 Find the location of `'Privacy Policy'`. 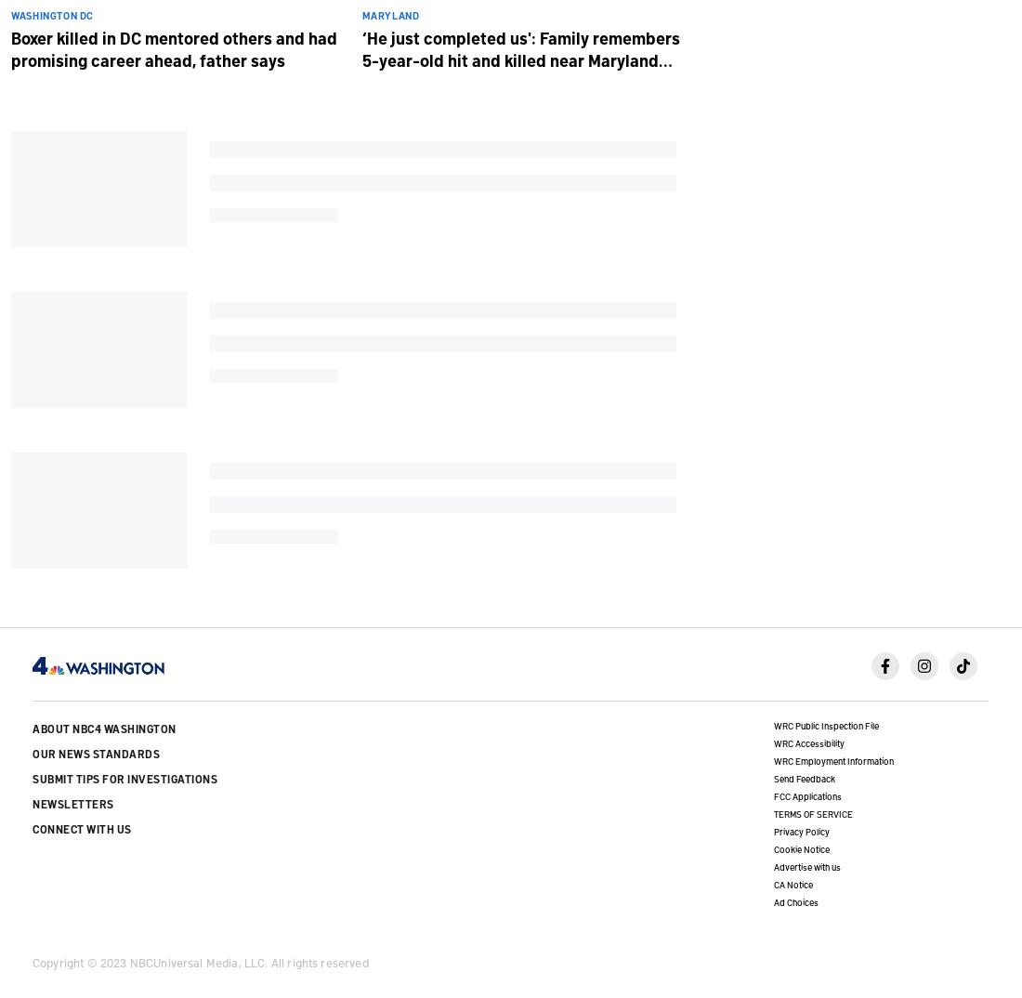

'Privacy Policy' is located at coordinates (800, 829).